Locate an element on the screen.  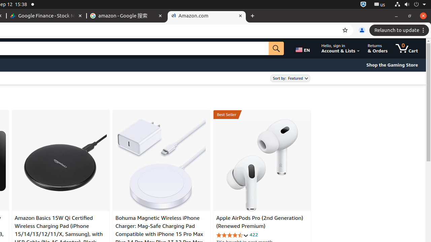
'Apple AirPods Pro (2nd Generation) (Renewed Premium)' is located at coordinates (262, 165).